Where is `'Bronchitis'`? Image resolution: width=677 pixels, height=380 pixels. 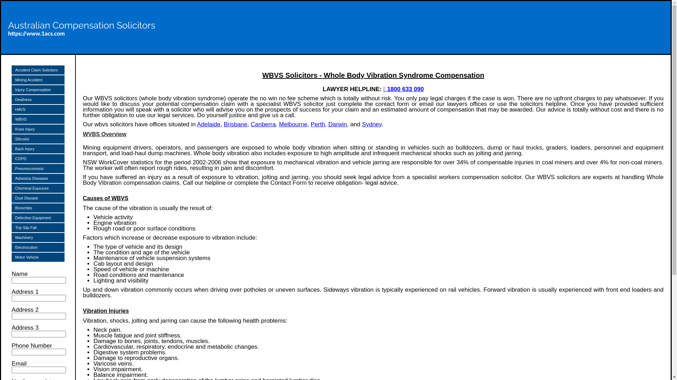 'Bronchitis' is located at coordinates (37, 207).